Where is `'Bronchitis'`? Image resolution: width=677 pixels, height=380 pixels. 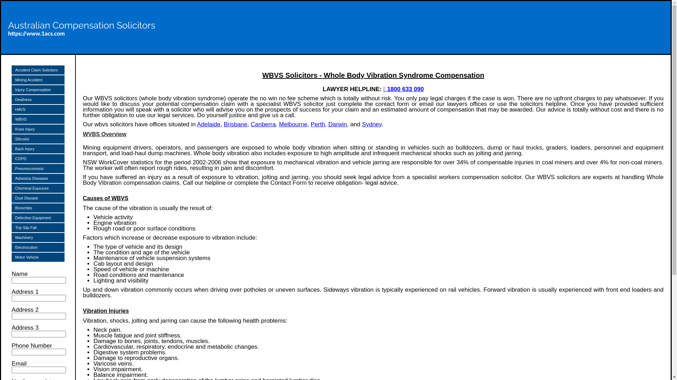 'Bronchitis' is located at coordinates (37, 207).